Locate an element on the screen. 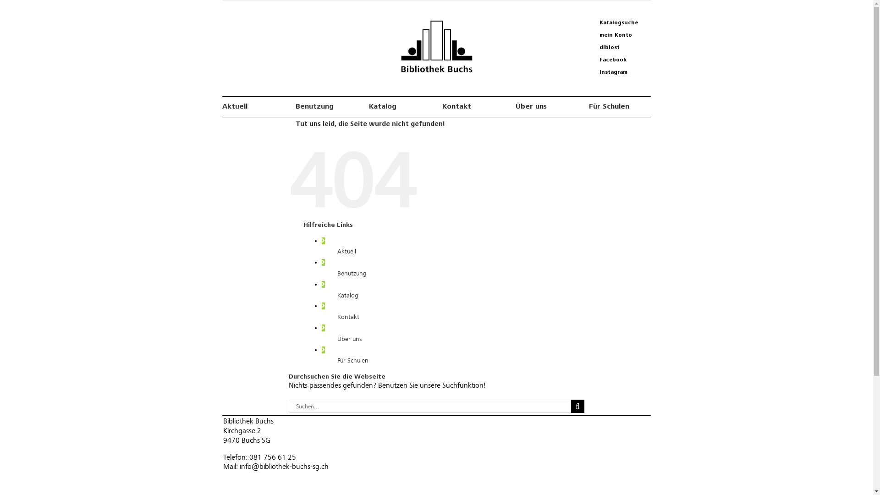 This screenshot has height=495, width=880. 'info@bibliothek-buchs-sg.ch' is located at coordinates (240, 467).